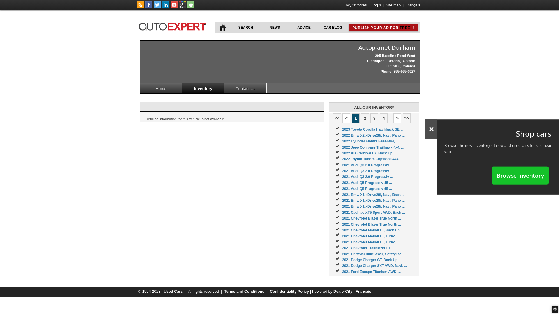 The image size is (559, 314). I want to click on 'Contact Us', so click(245, 88).